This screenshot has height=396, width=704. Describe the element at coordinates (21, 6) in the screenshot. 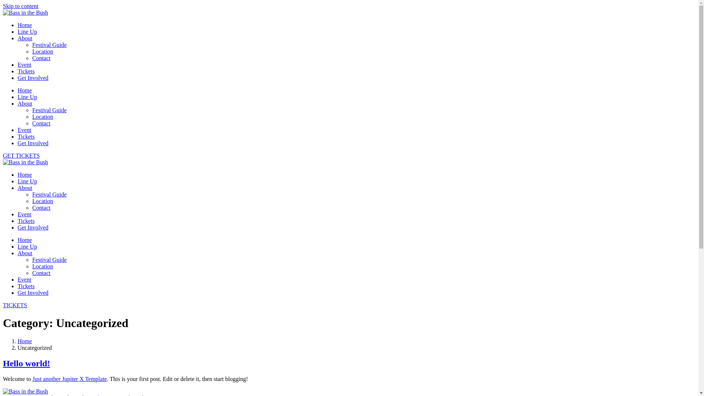

I see `'Skip to content'` at that location.